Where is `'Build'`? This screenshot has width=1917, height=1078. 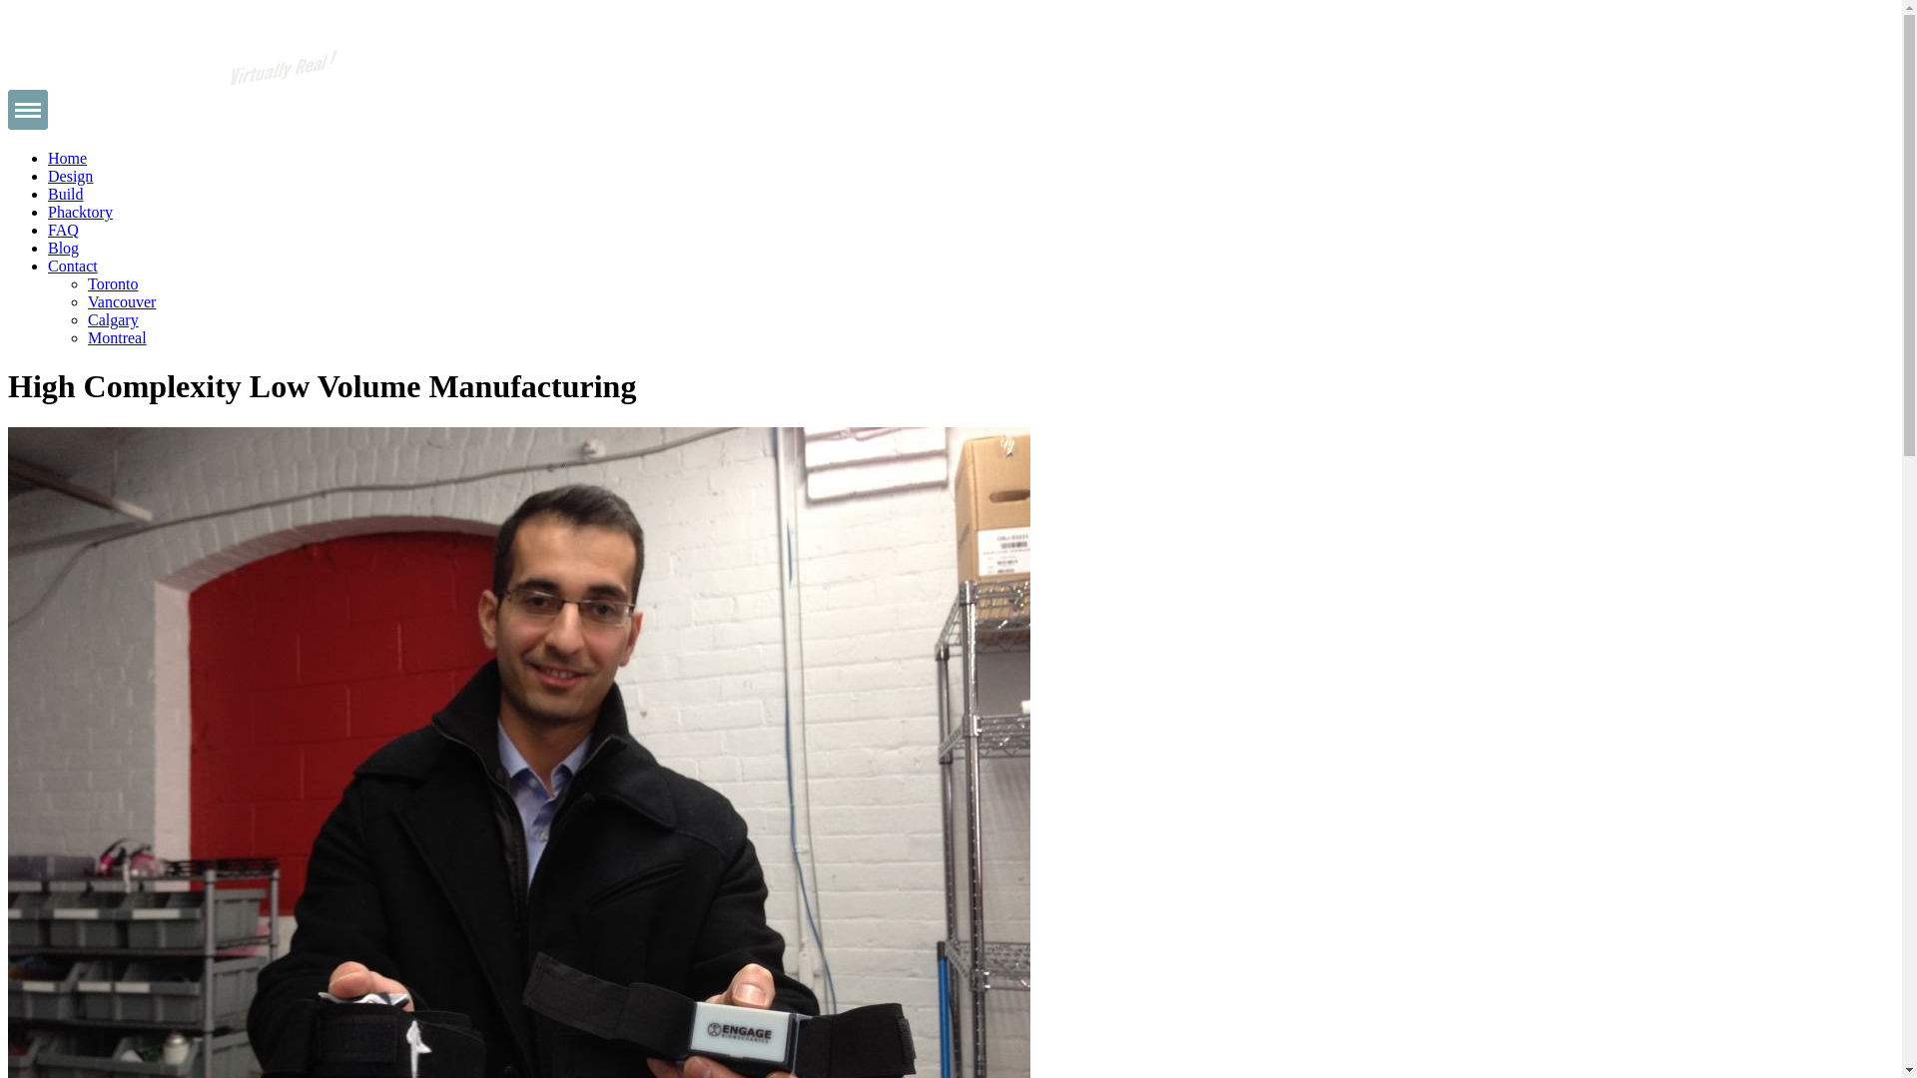
'Build' is located at coordinates (48, 194).